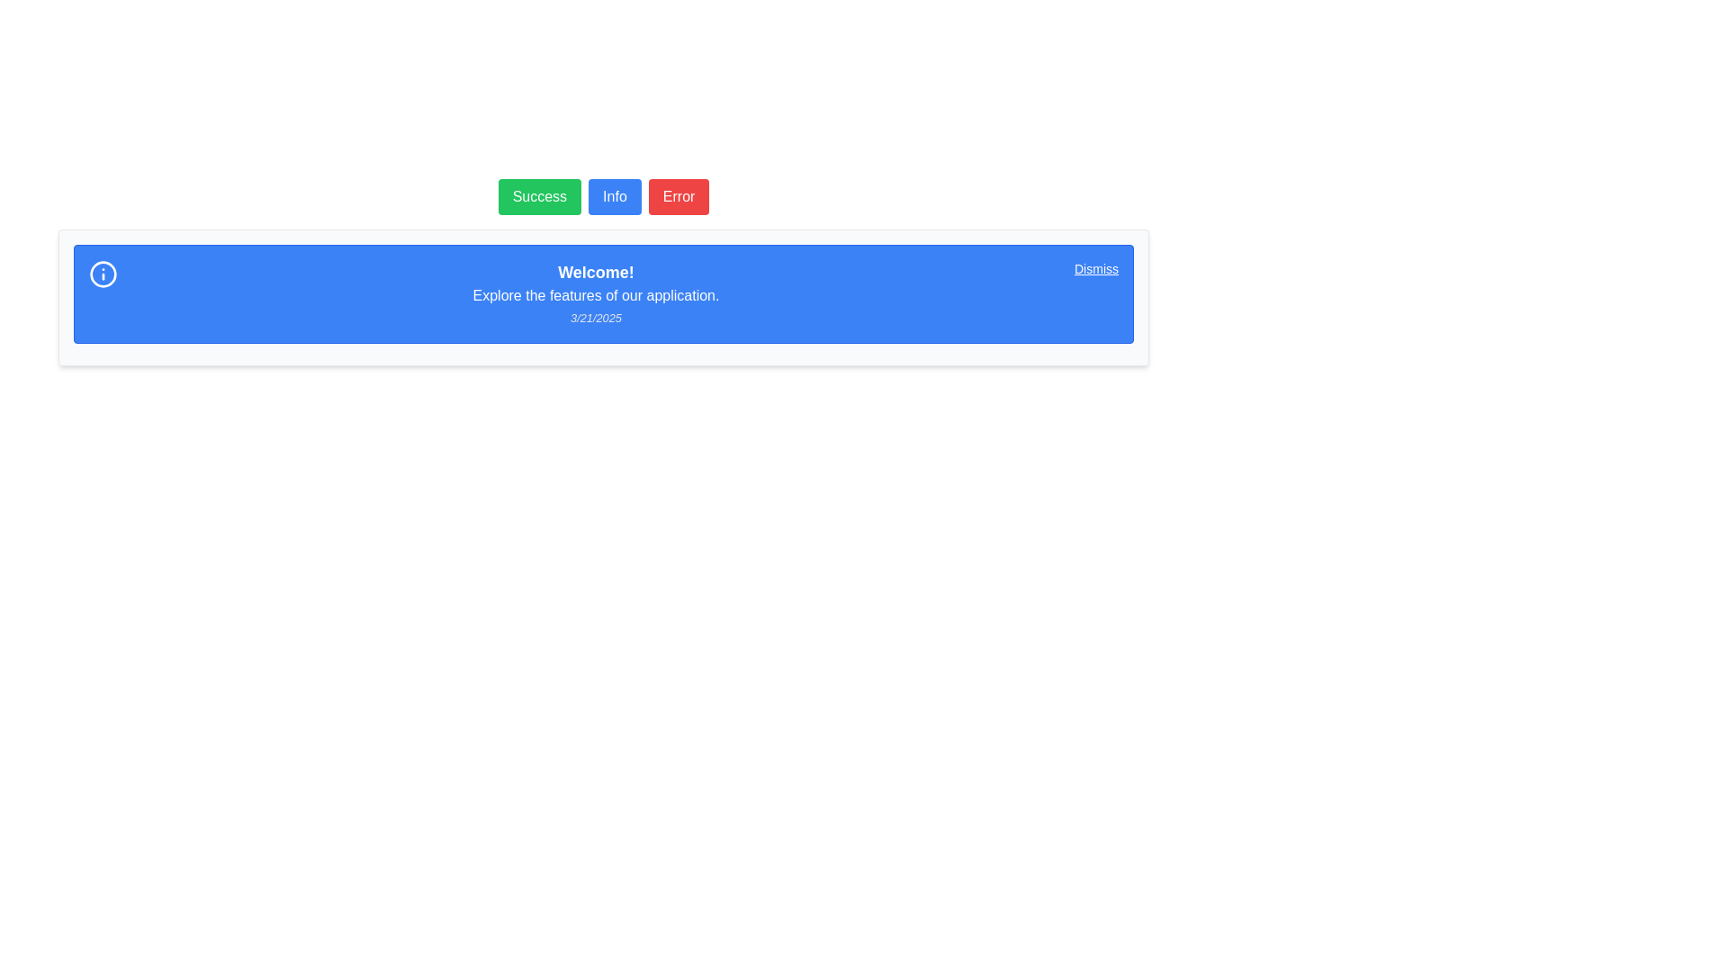 This screenshot has height=972, width=1728. I want to click on information presented in the informational notification box with a blue background, which welcomes users and provides a brief introductory message about the application's features, so click(604, 293).